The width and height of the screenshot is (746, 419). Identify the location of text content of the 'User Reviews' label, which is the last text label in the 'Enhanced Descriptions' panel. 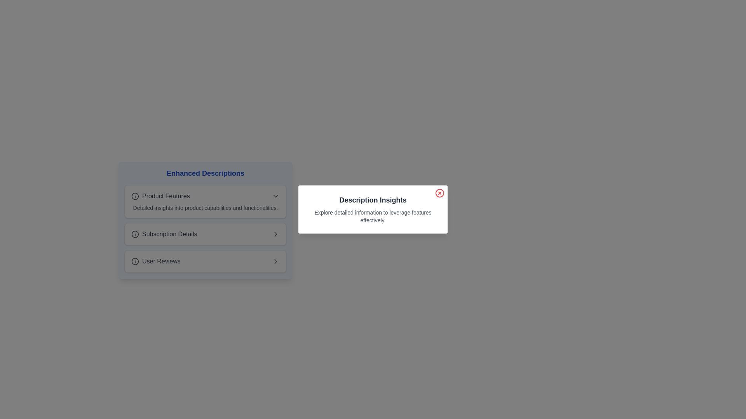
(161, 261).